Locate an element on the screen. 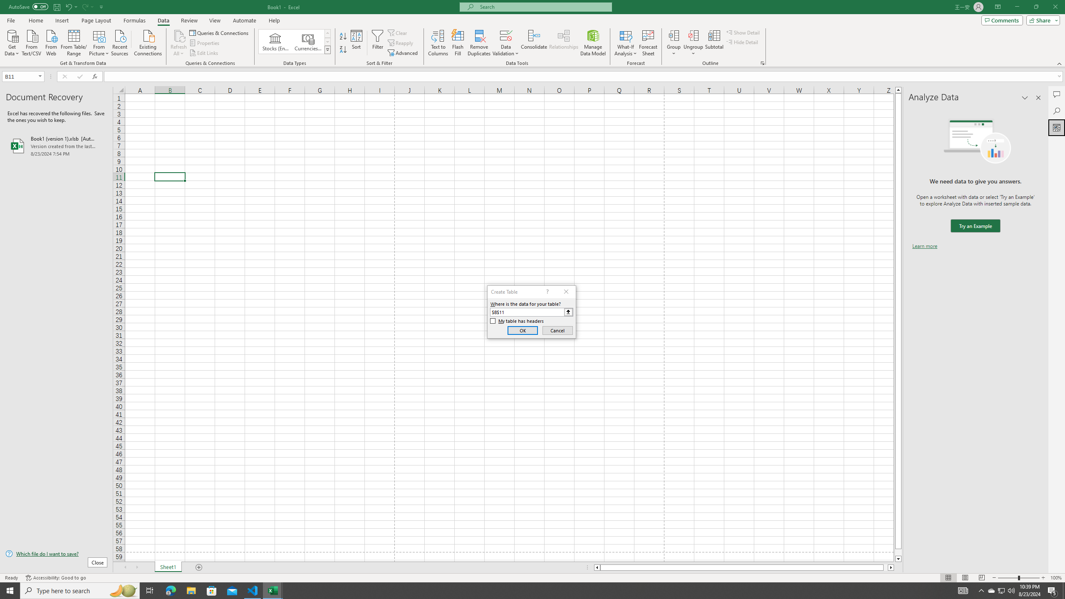  'Data Validation...' is located at coordinates (505, 43).